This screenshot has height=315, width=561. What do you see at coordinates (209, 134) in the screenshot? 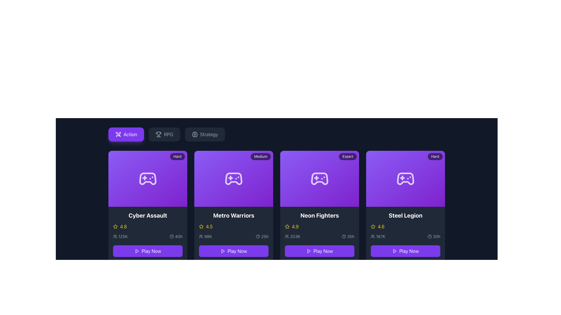
I see `the 'Strategy' text label in the navigation bar to observe any tooltip or hover effect` at bounding box center [209, 134].